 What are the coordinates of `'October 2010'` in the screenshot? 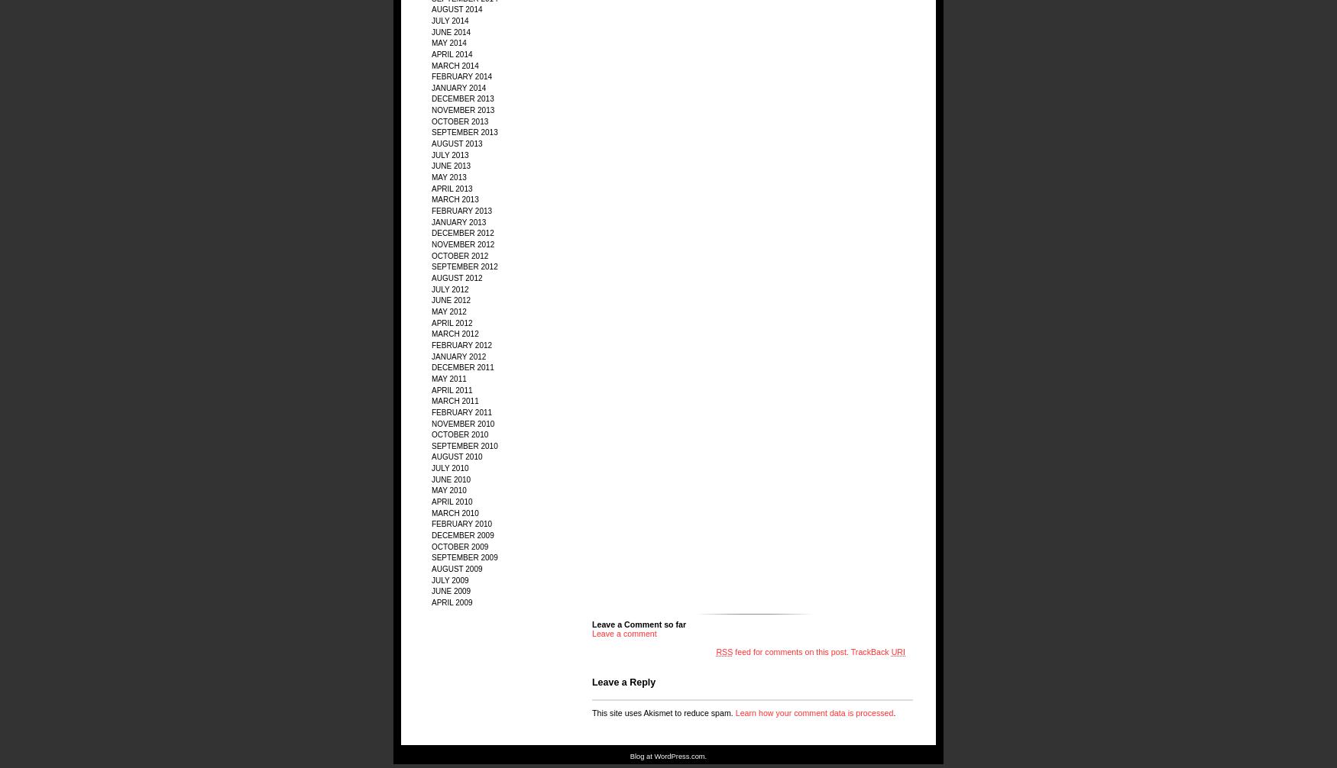 It's located at (460, 434).